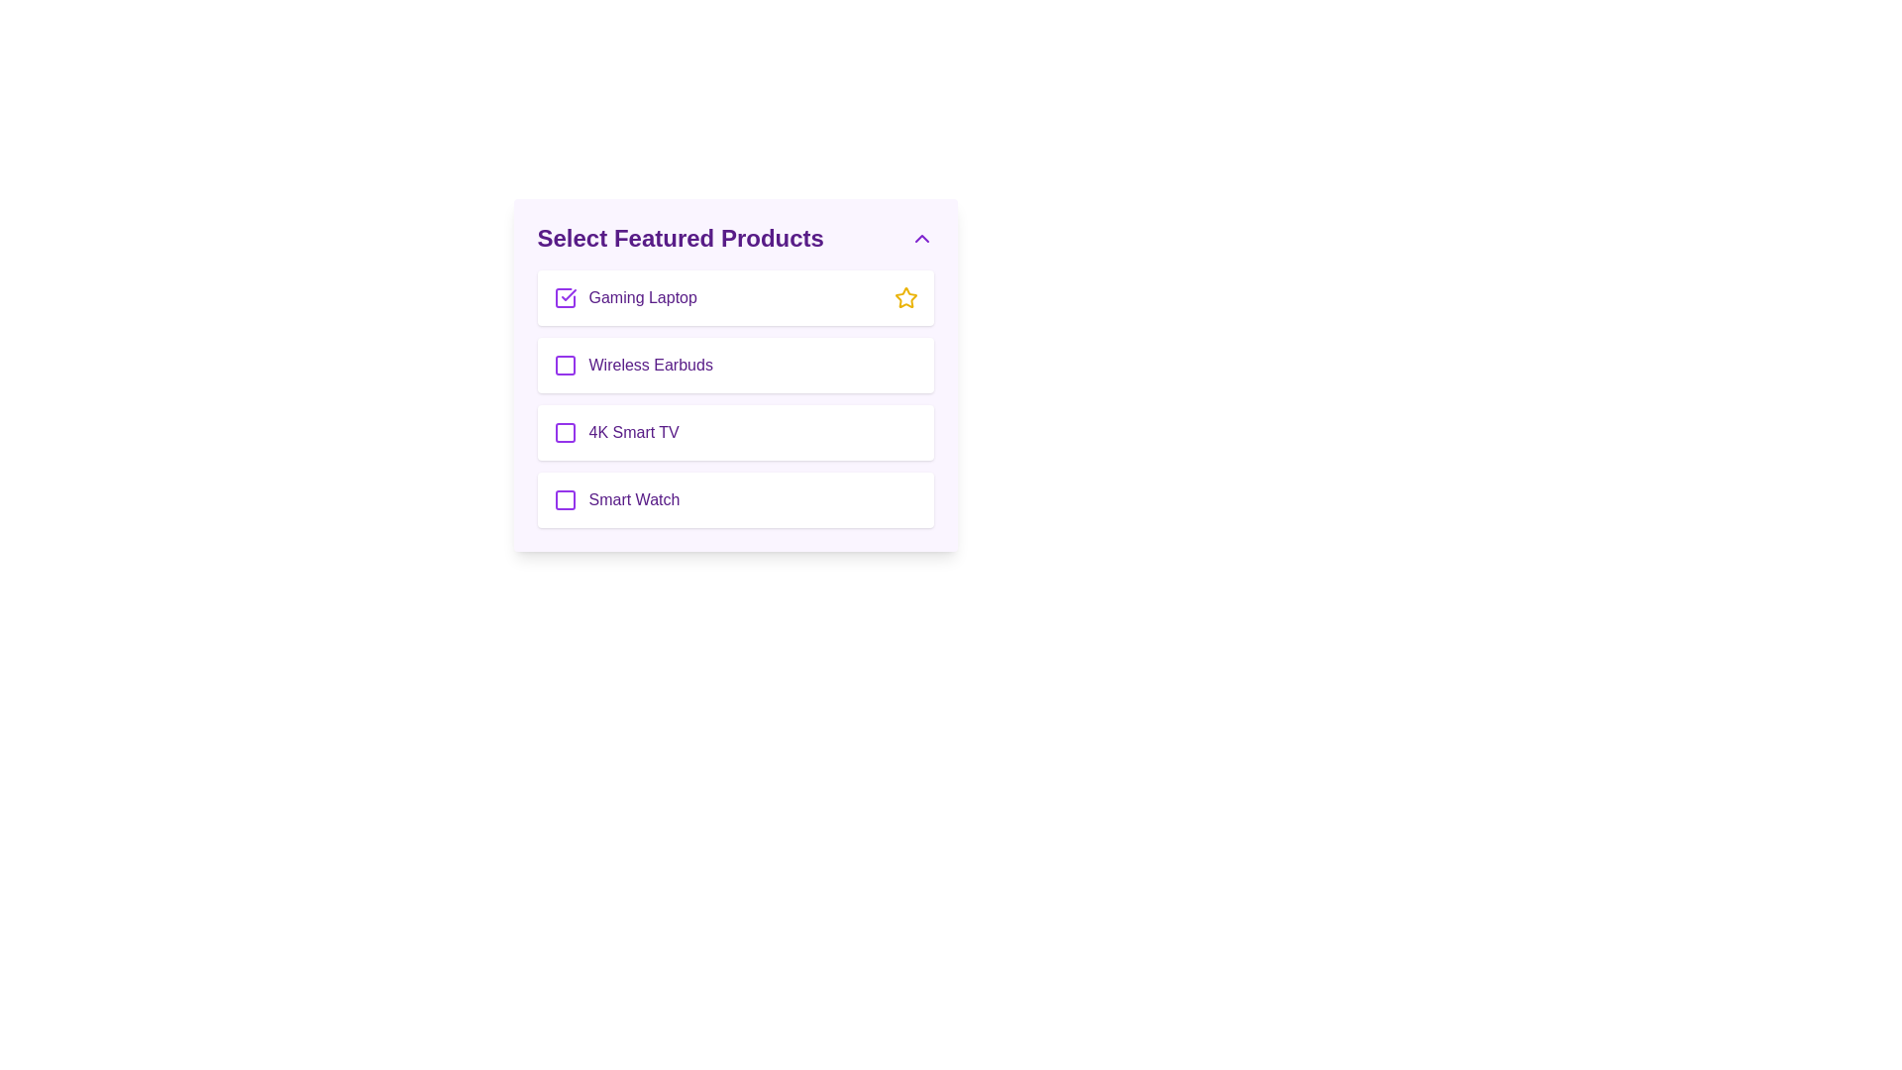 Image resolution: width=1902 pixels, height=1070 pixels. I want to click on the non-interactive Text label displaying '4K Smart TV' within the 'Select Featured Products' section, which is the third item in the list, so click(634, 431).